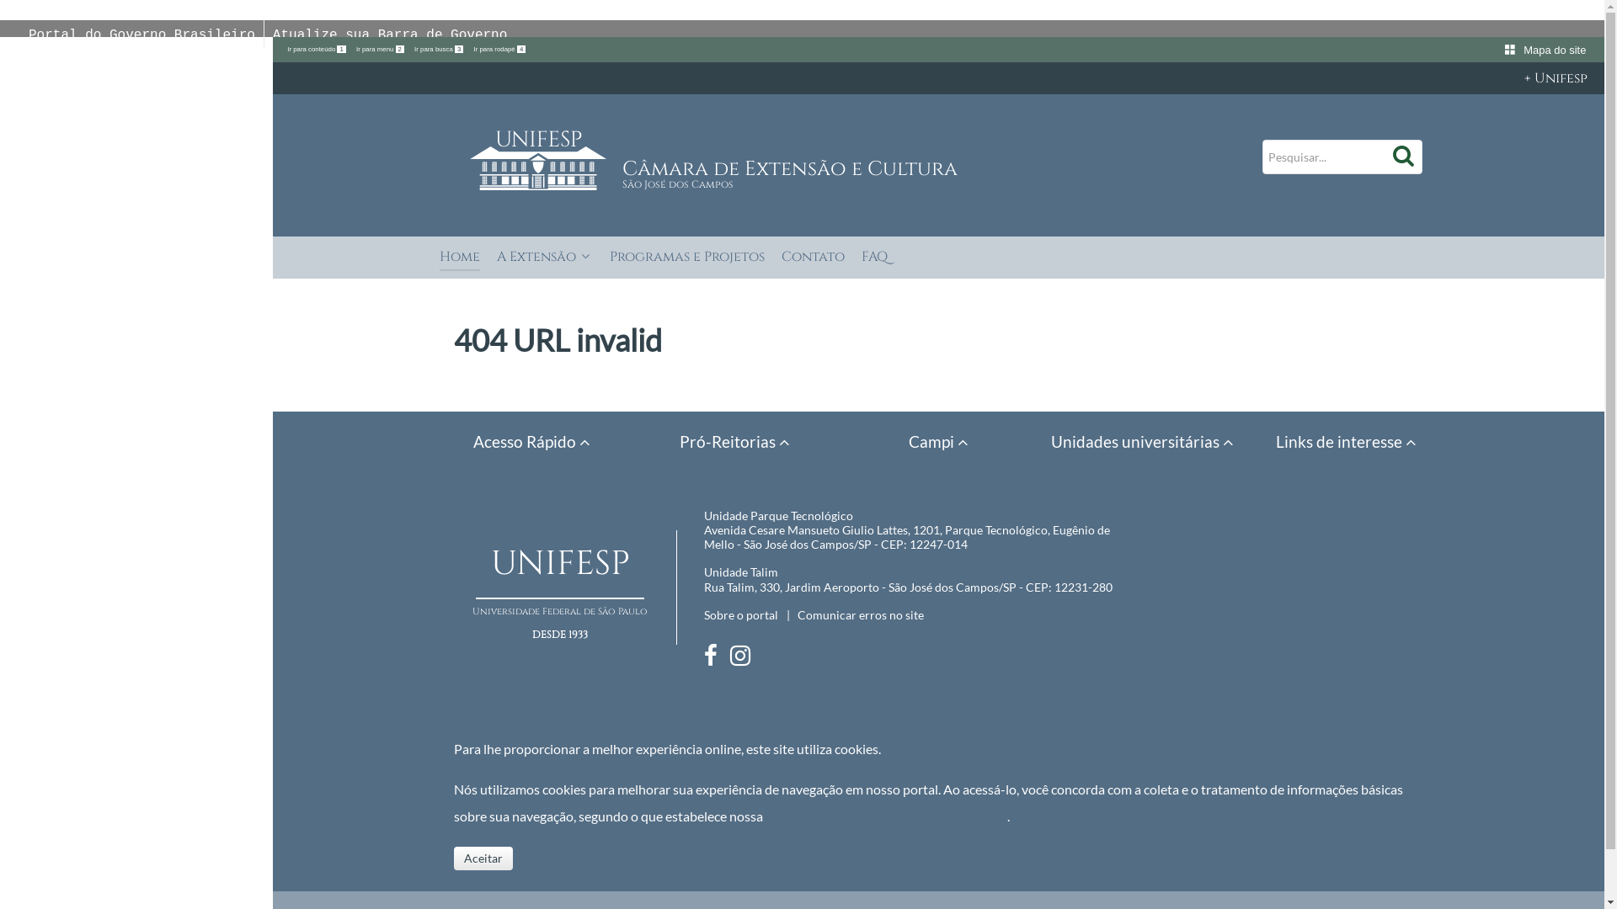 Image resolution: width=1617 pixels, height=909 pixels. Describe the element at coordinates (28, 35) in the screenshot. I see `'Portal do Governo Brasileiro'` at that location.